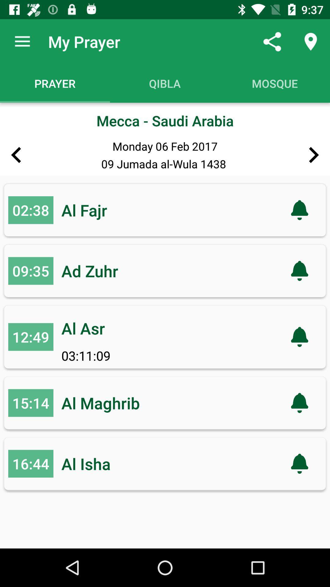 The height and width of the screenshot is (587, 330). What do you see at coordinates (31, 463) in the screenshot?
I see `16:44` at bounding box center [31, 463].